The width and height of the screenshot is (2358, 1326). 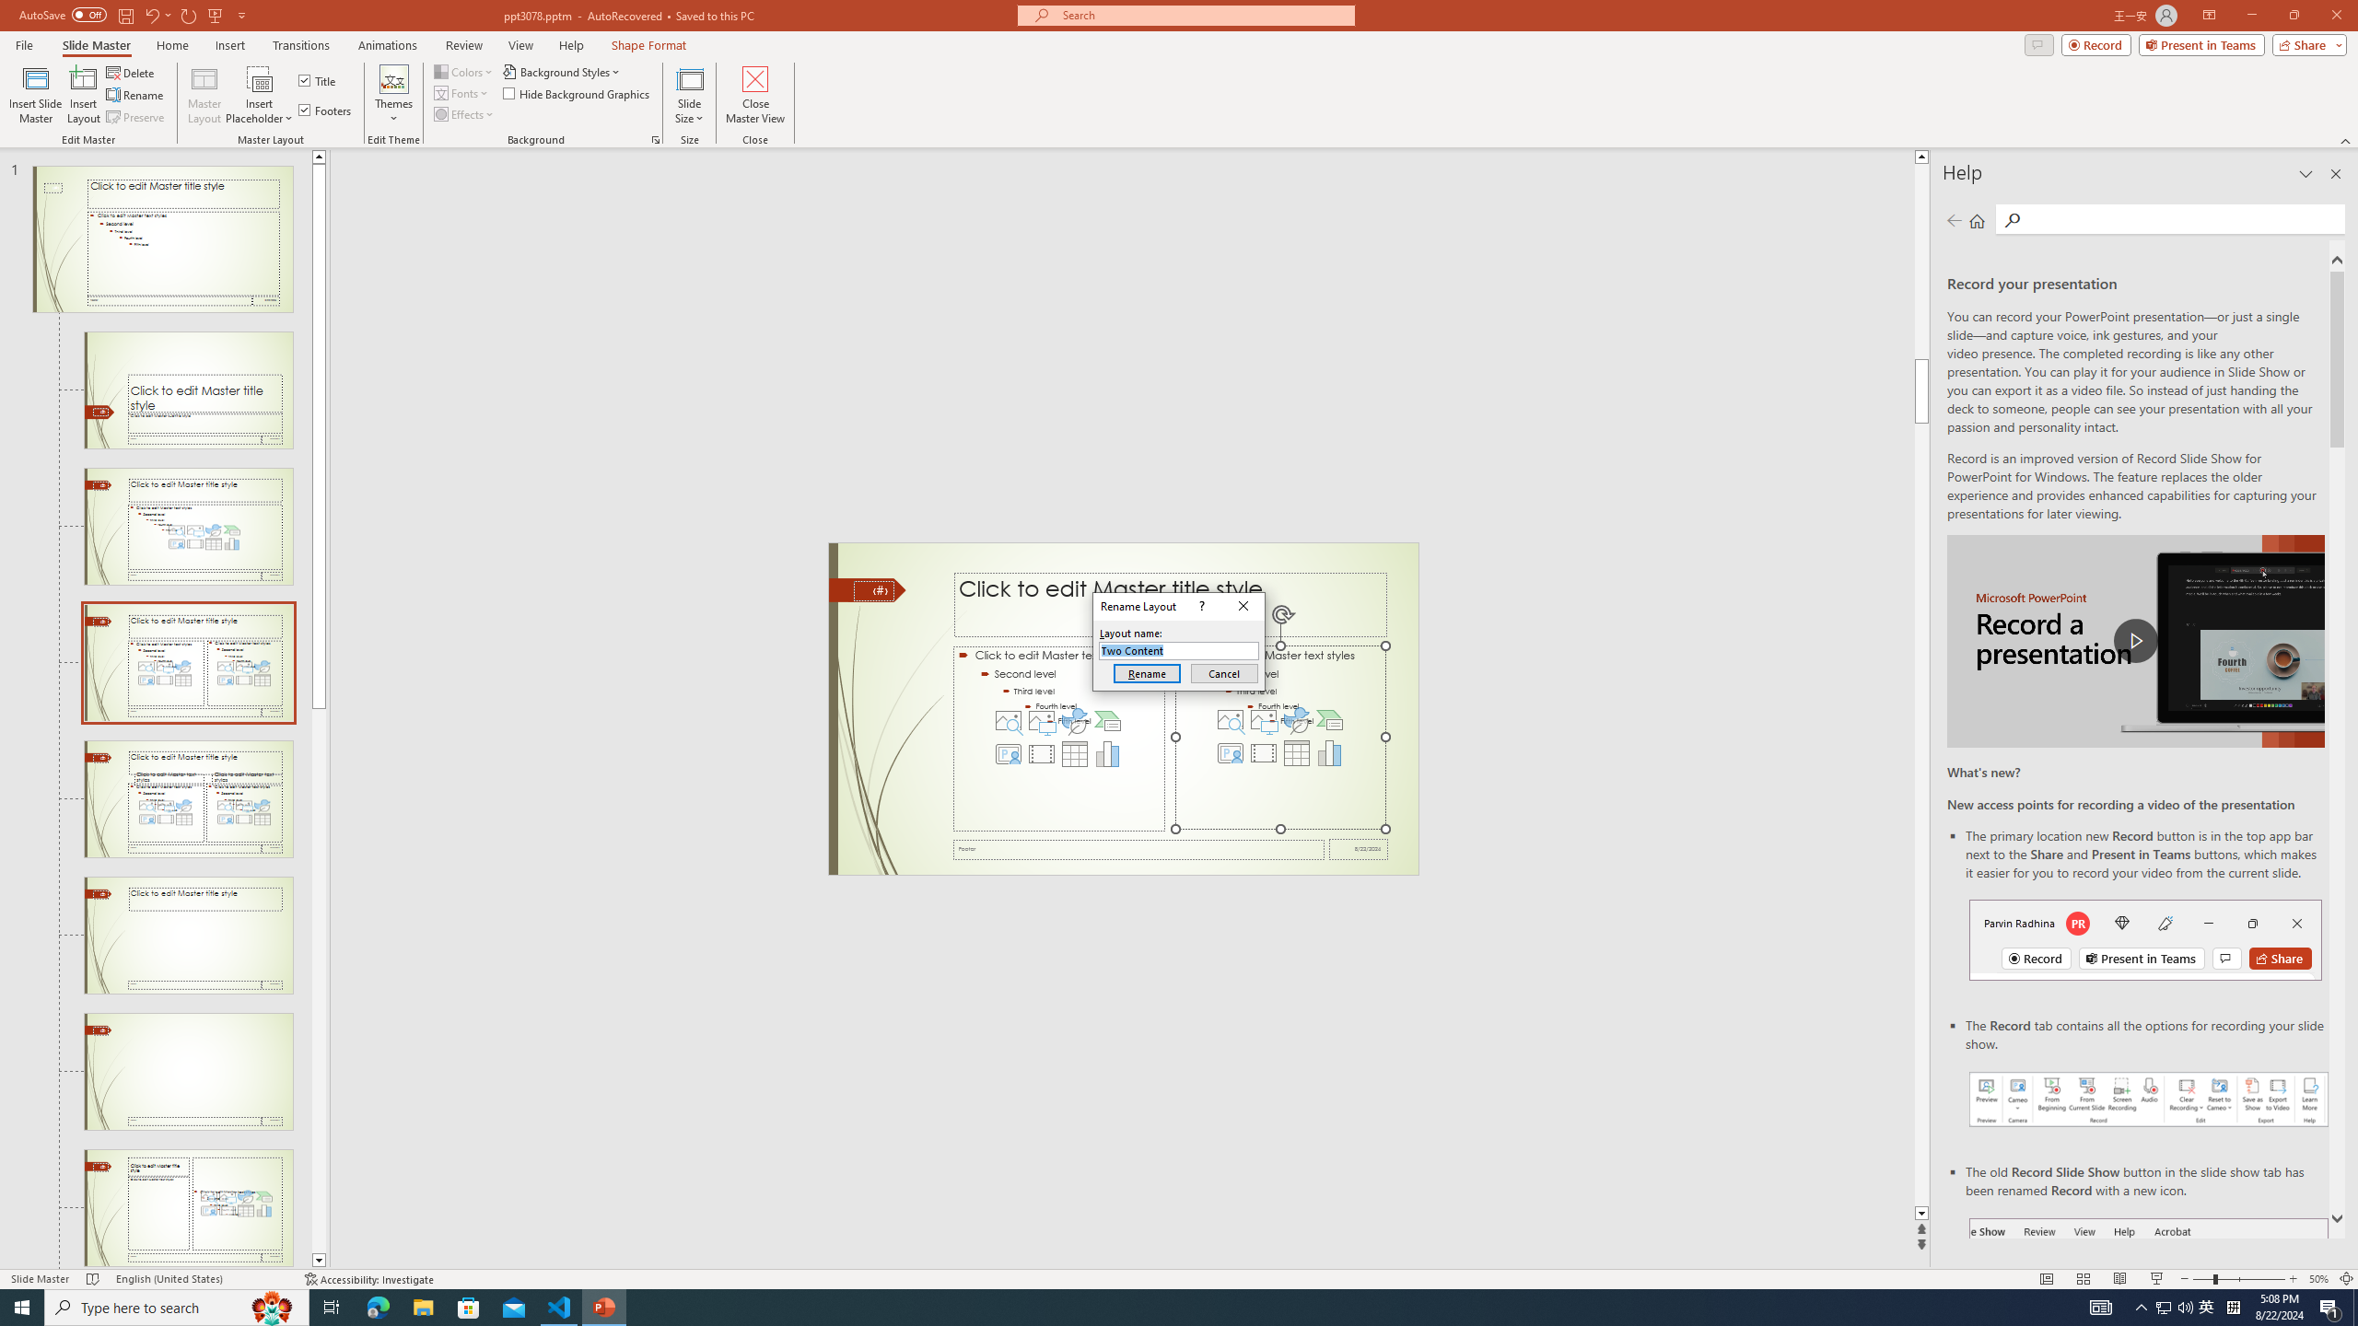 What do you see at coordinates (465, 112) in the screenshot?
I see `'Effects'` at bounding box center [465, 112].